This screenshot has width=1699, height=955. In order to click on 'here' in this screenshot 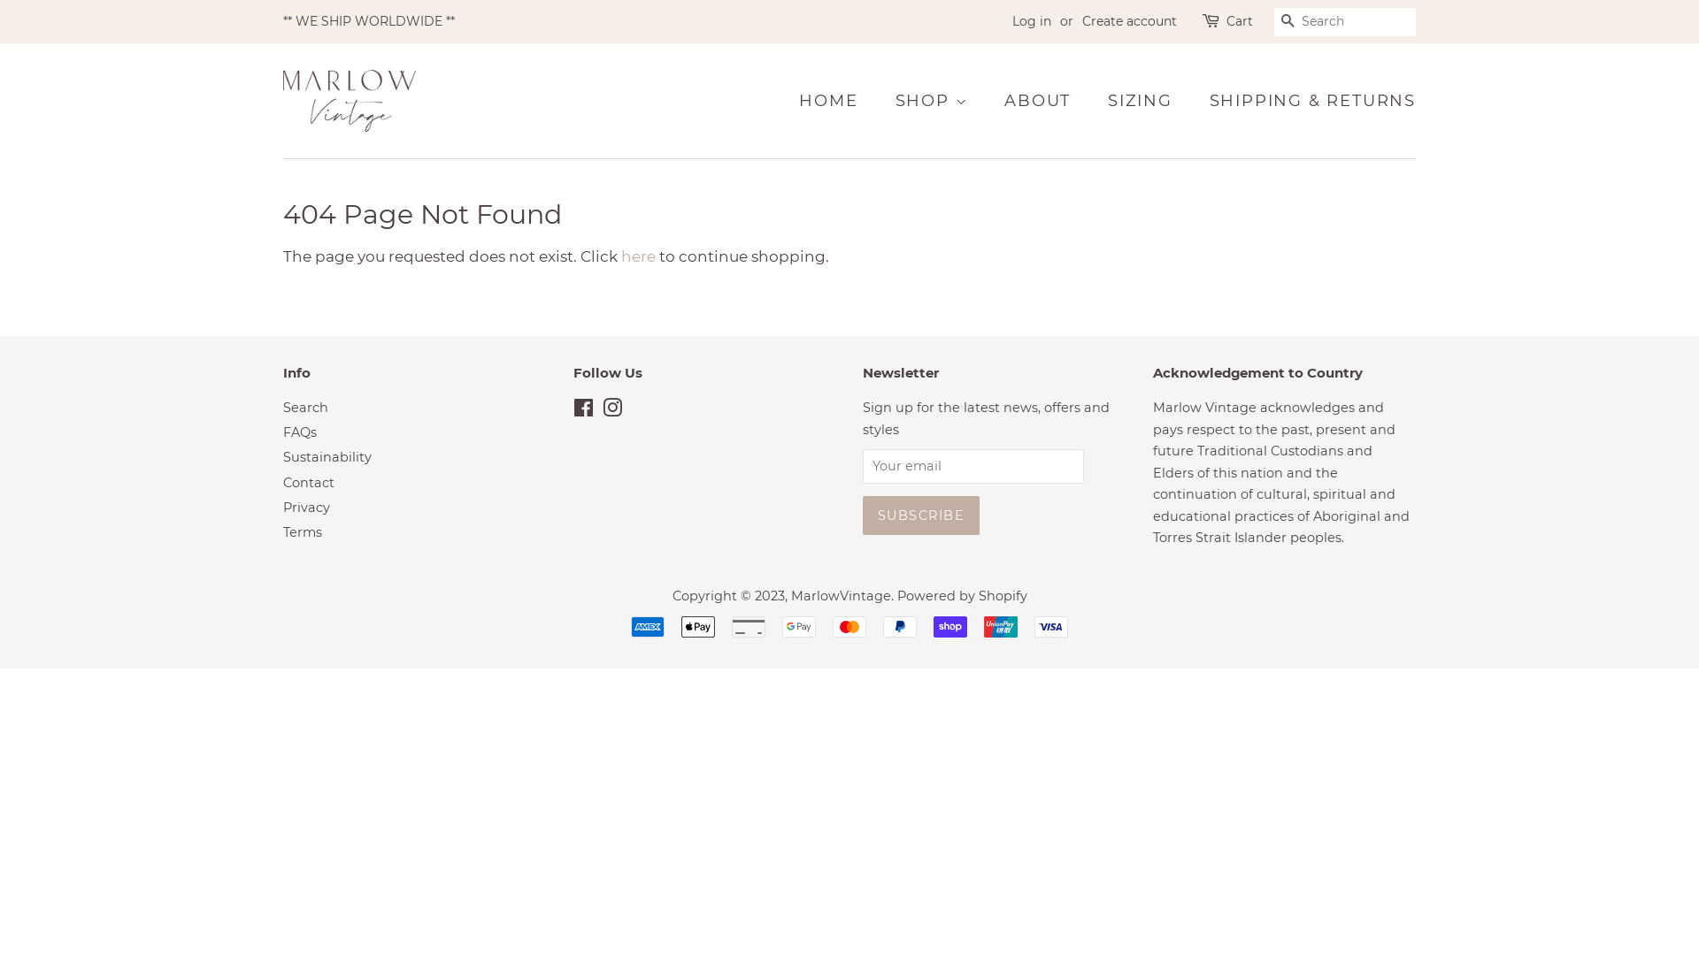, I will do `click(637, 256)`.